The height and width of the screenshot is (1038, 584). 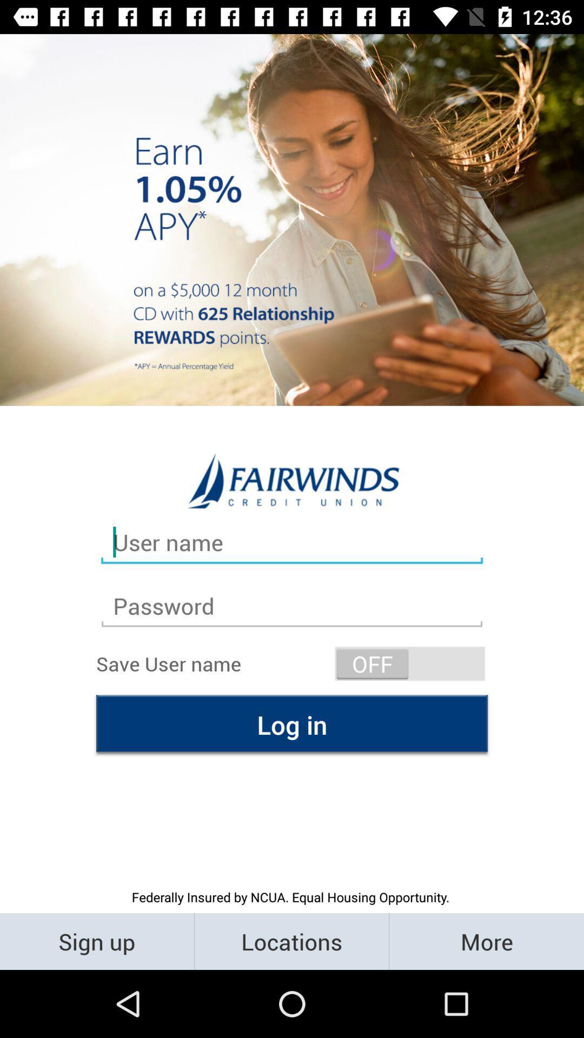 I want to click on the sign up item, so click(x=96, y=941).